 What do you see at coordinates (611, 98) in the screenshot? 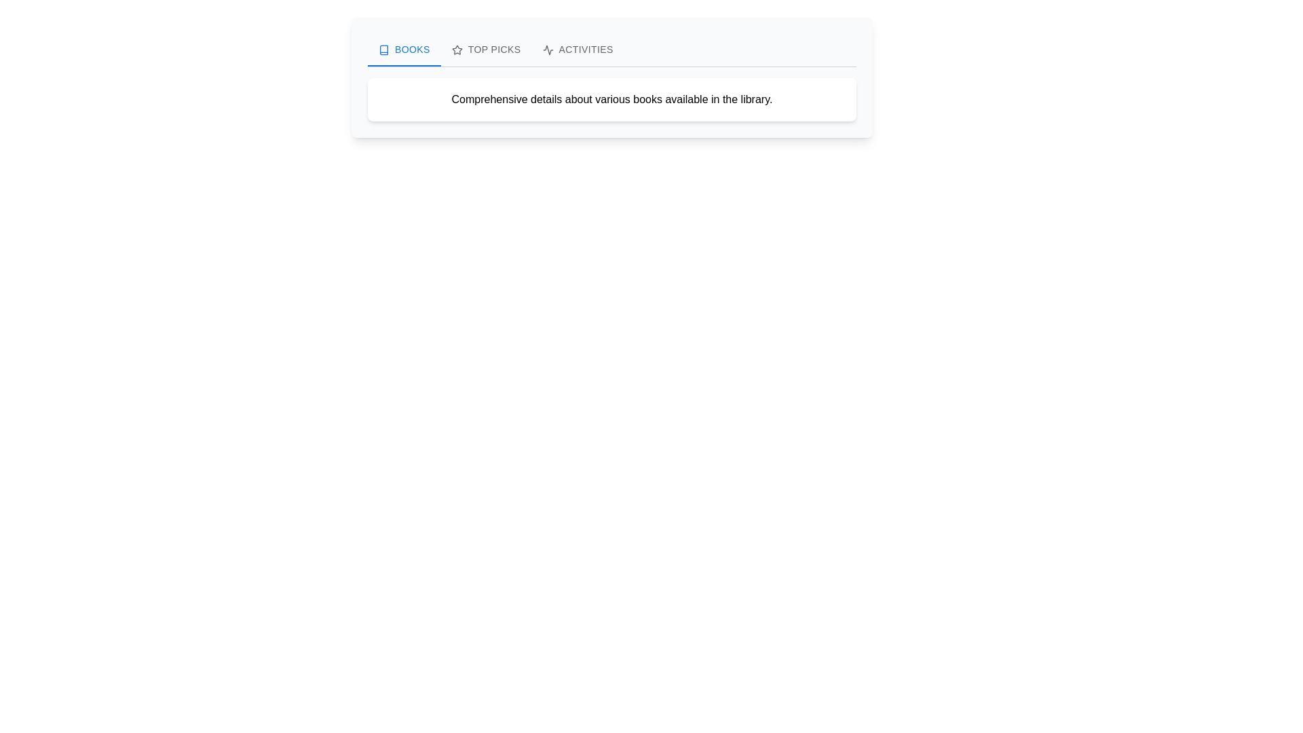
I see `the text block that displays 'Comprehensive details about various books available in the library.', which is styled with a white background, rounded corners, and shadow effect, located beneath the 'Books' tab` at bounding box center [611, 98].